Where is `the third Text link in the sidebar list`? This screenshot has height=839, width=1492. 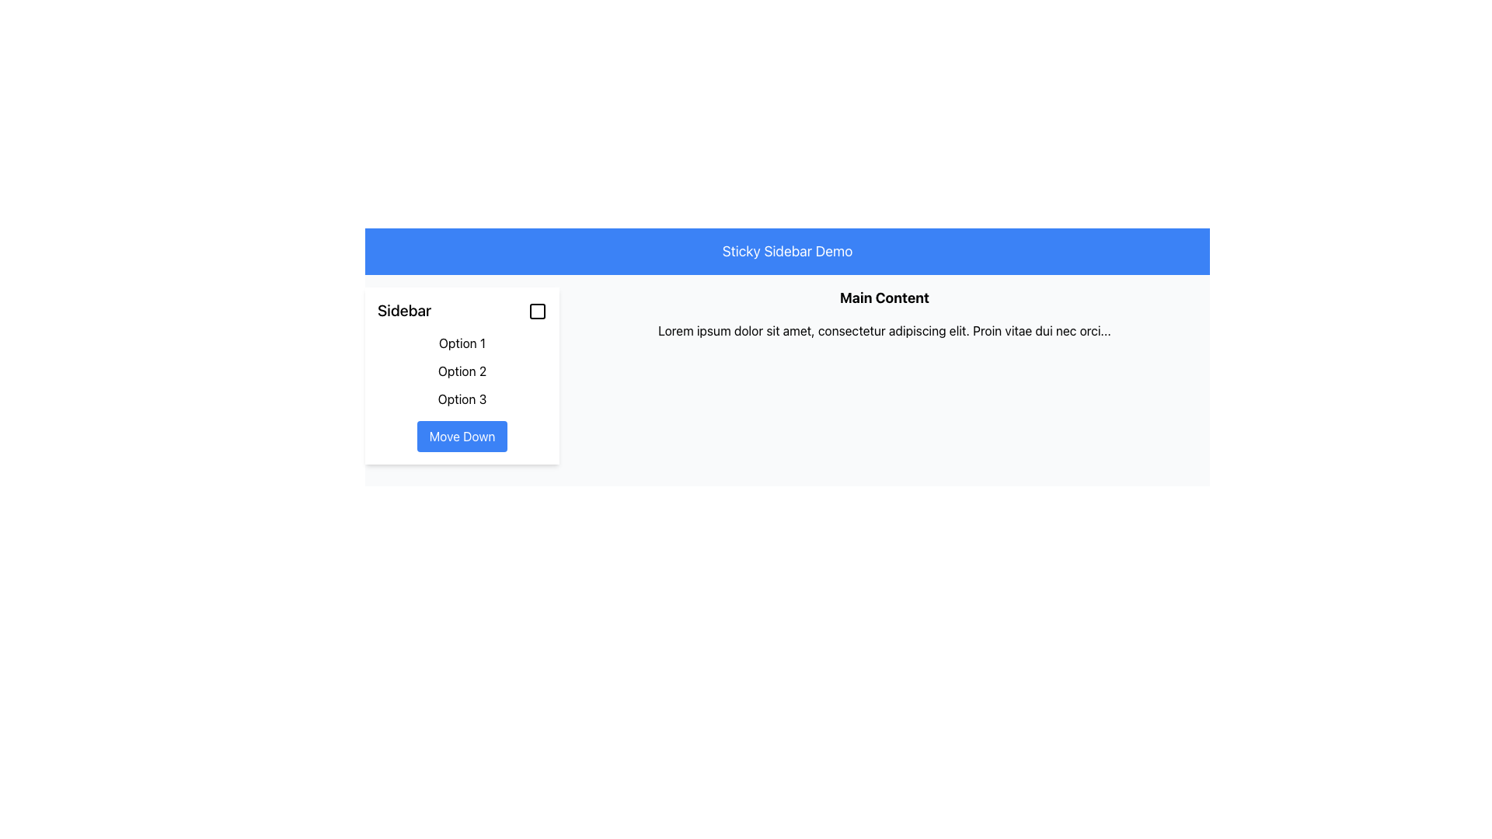
the third Text link in the sidebar list is located at coordinates (462, 398).